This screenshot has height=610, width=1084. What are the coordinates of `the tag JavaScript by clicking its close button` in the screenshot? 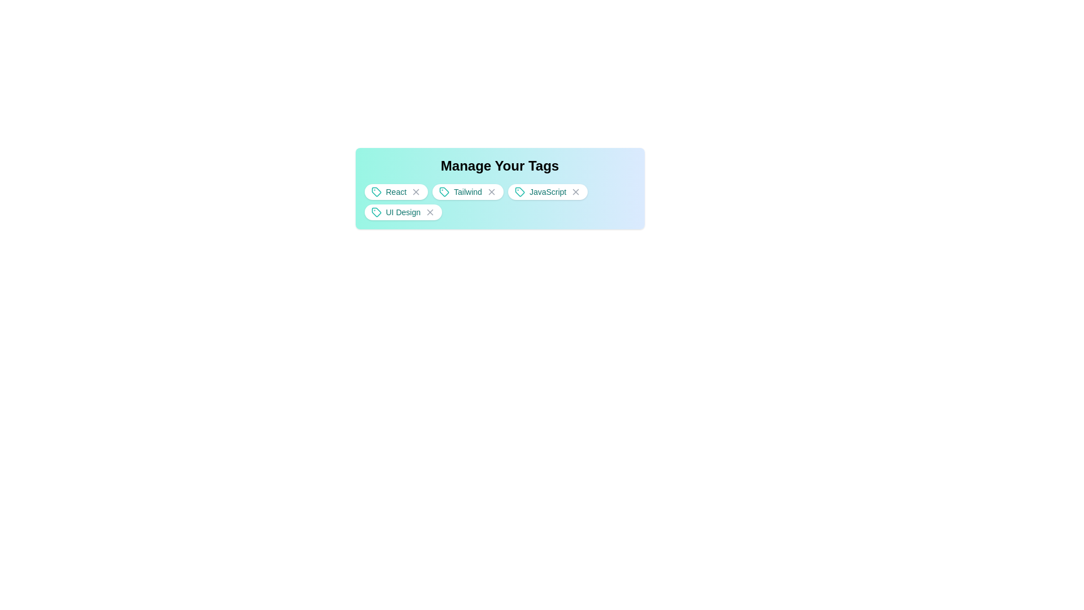 It's located at (576, 191).